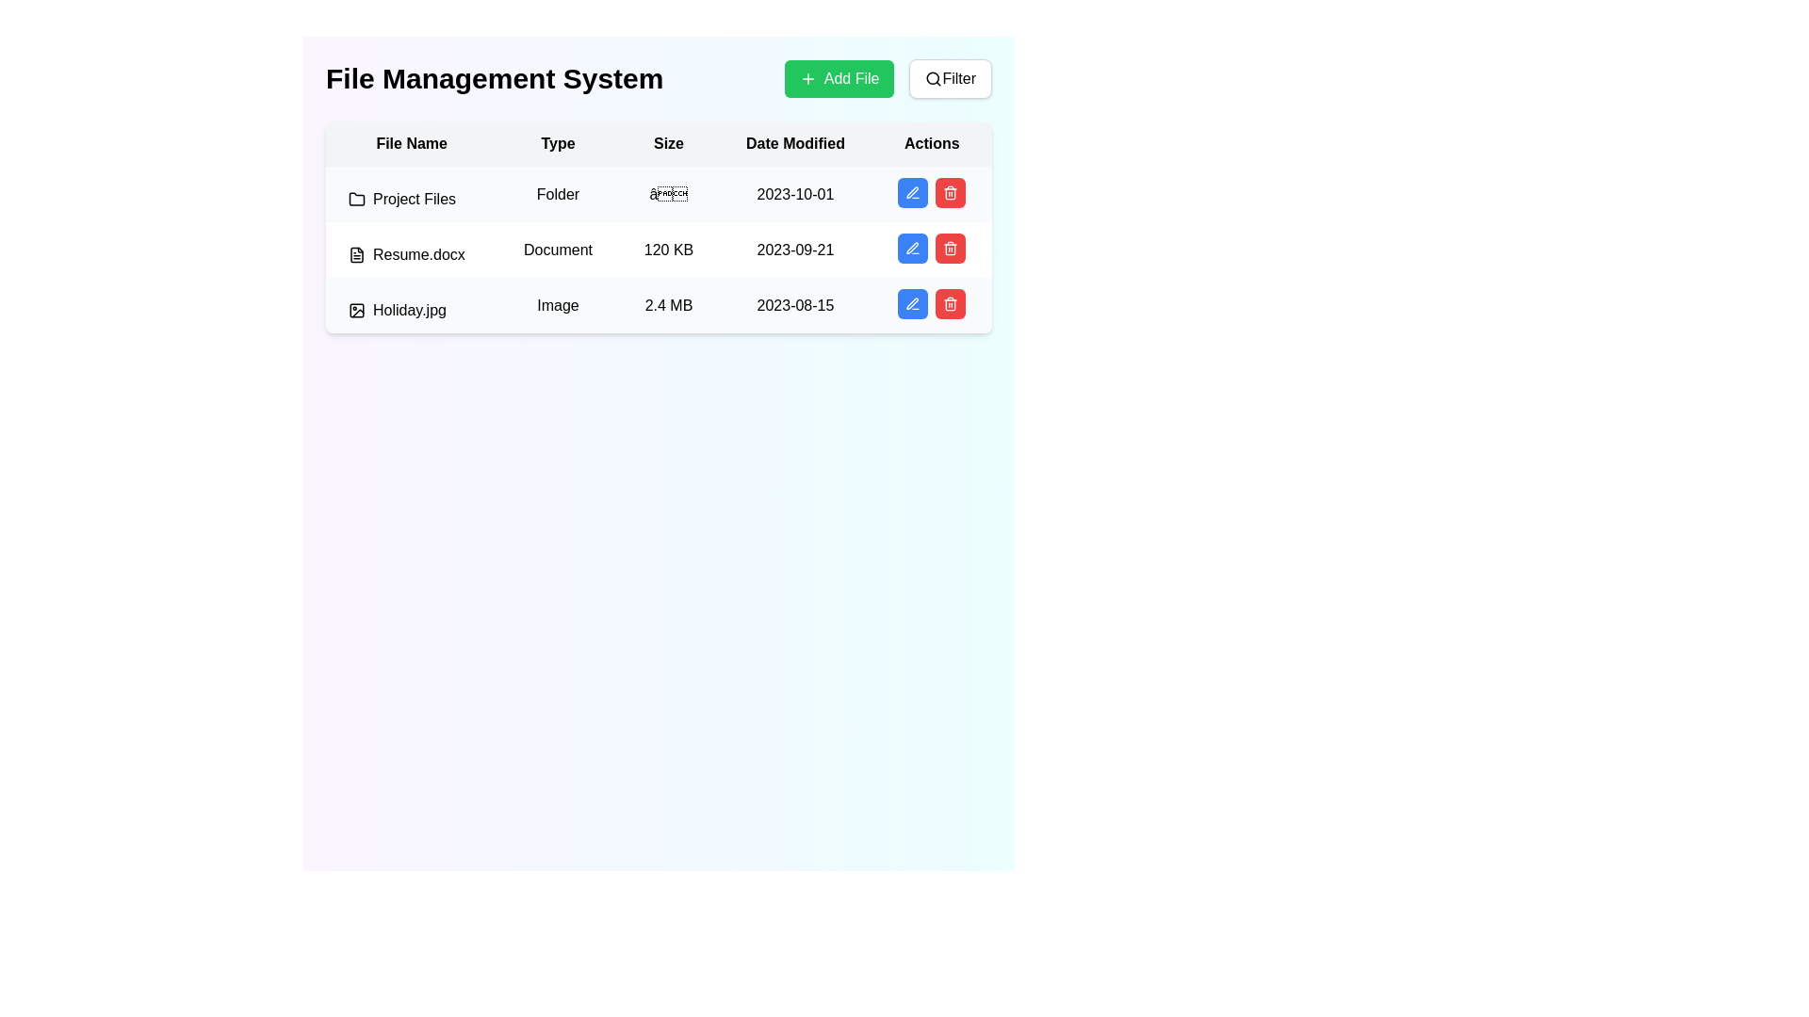  What do you see at coordinates (659, 143) in the screenshot?
I see `the Table Header Row of the file management table` at bounding box center [659, 143].